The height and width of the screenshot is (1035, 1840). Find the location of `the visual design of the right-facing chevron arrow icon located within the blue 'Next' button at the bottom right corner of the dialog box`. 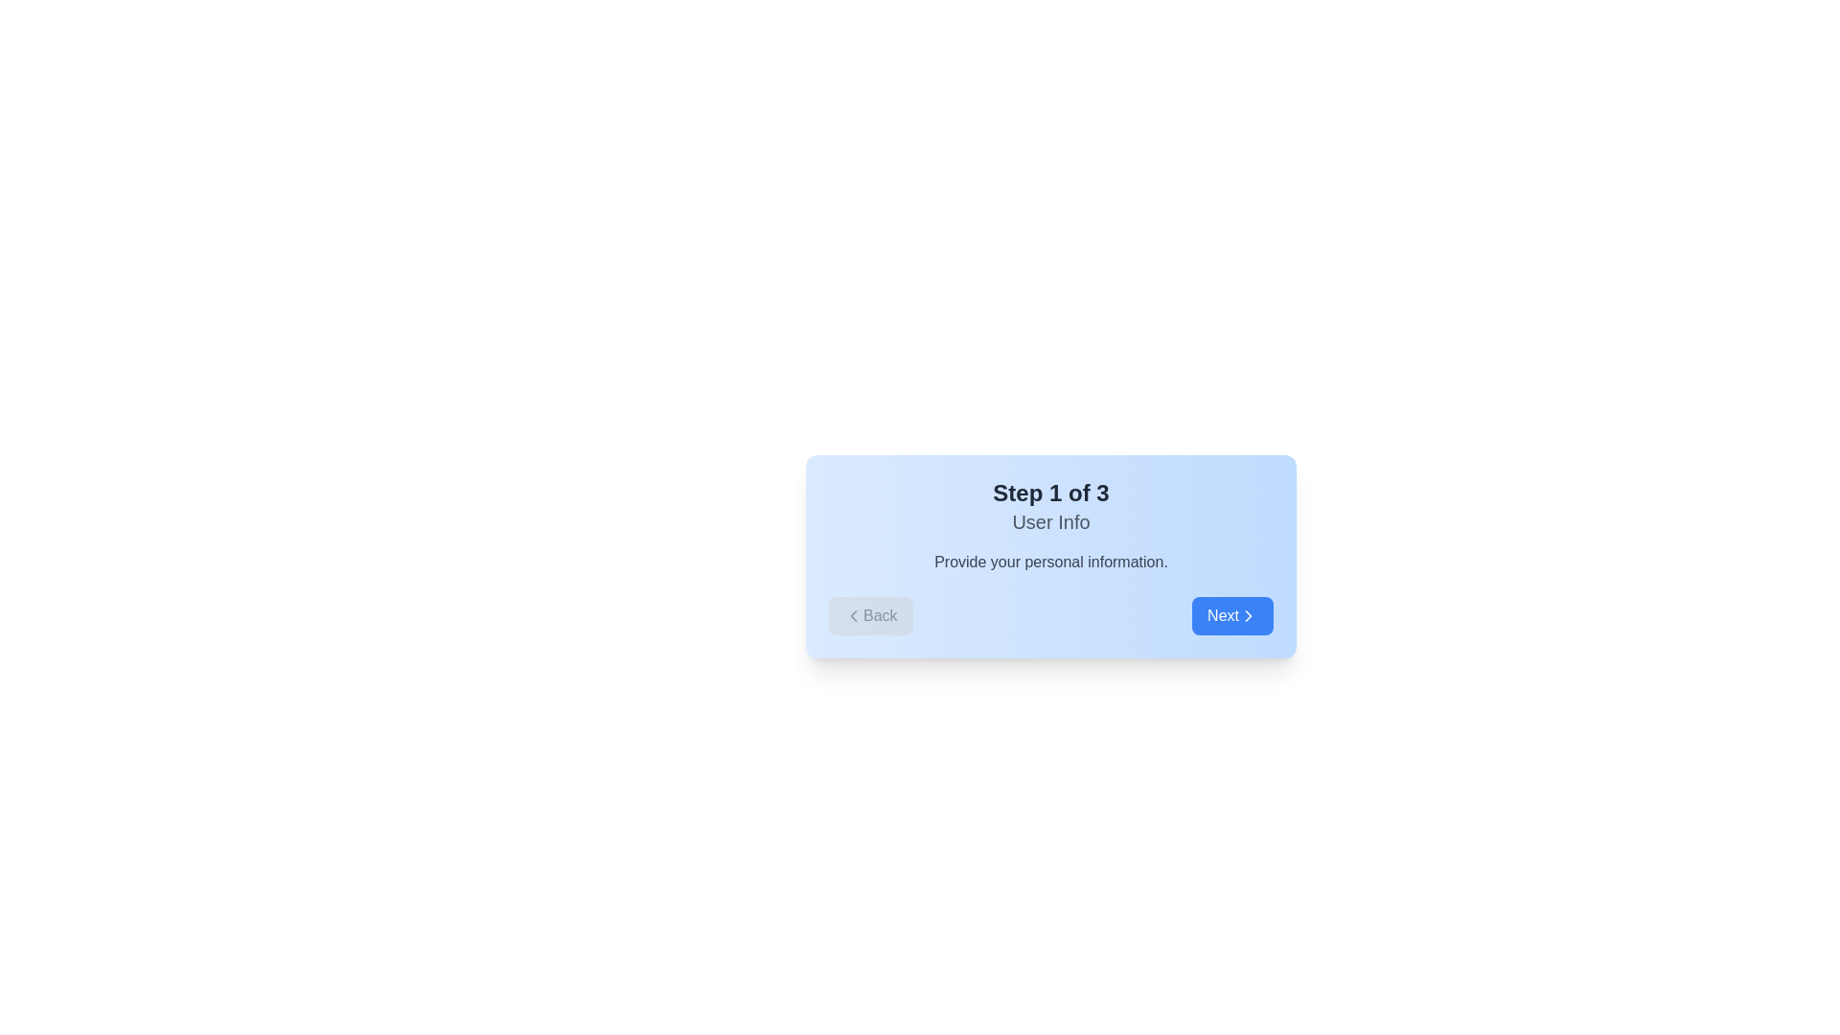

the visual design of the right-facing chevron arrow icon located within the blue 'Next' button at the bottom right corner of the dialog box is located at coordinates (1248, 616).